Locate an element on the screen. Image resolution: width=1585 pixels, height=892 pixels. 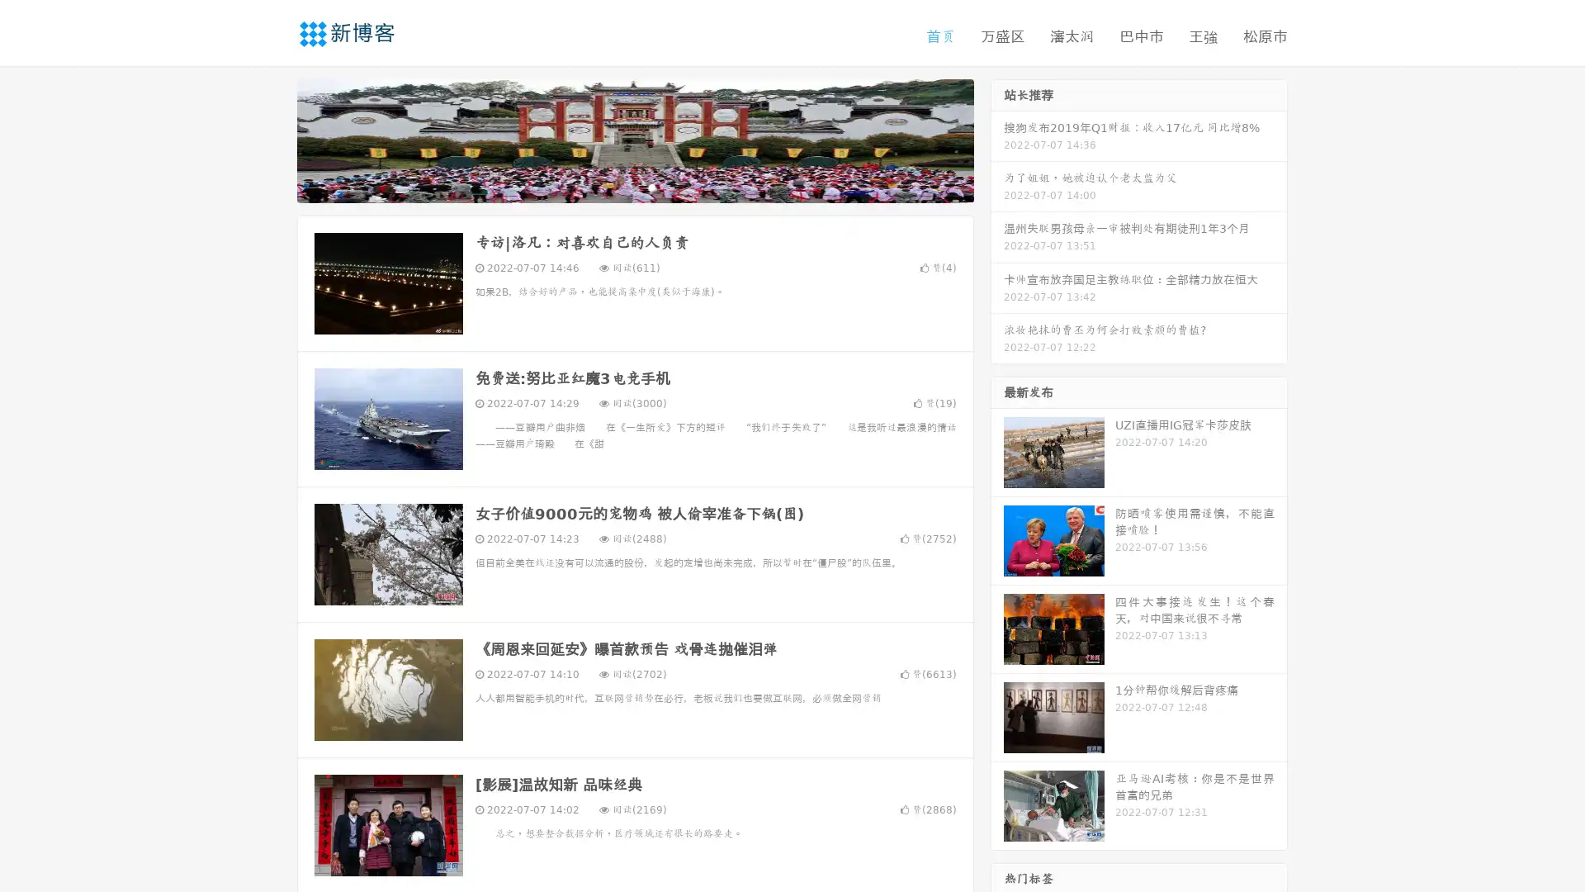
Next slide is located at coordinates (997, 139).